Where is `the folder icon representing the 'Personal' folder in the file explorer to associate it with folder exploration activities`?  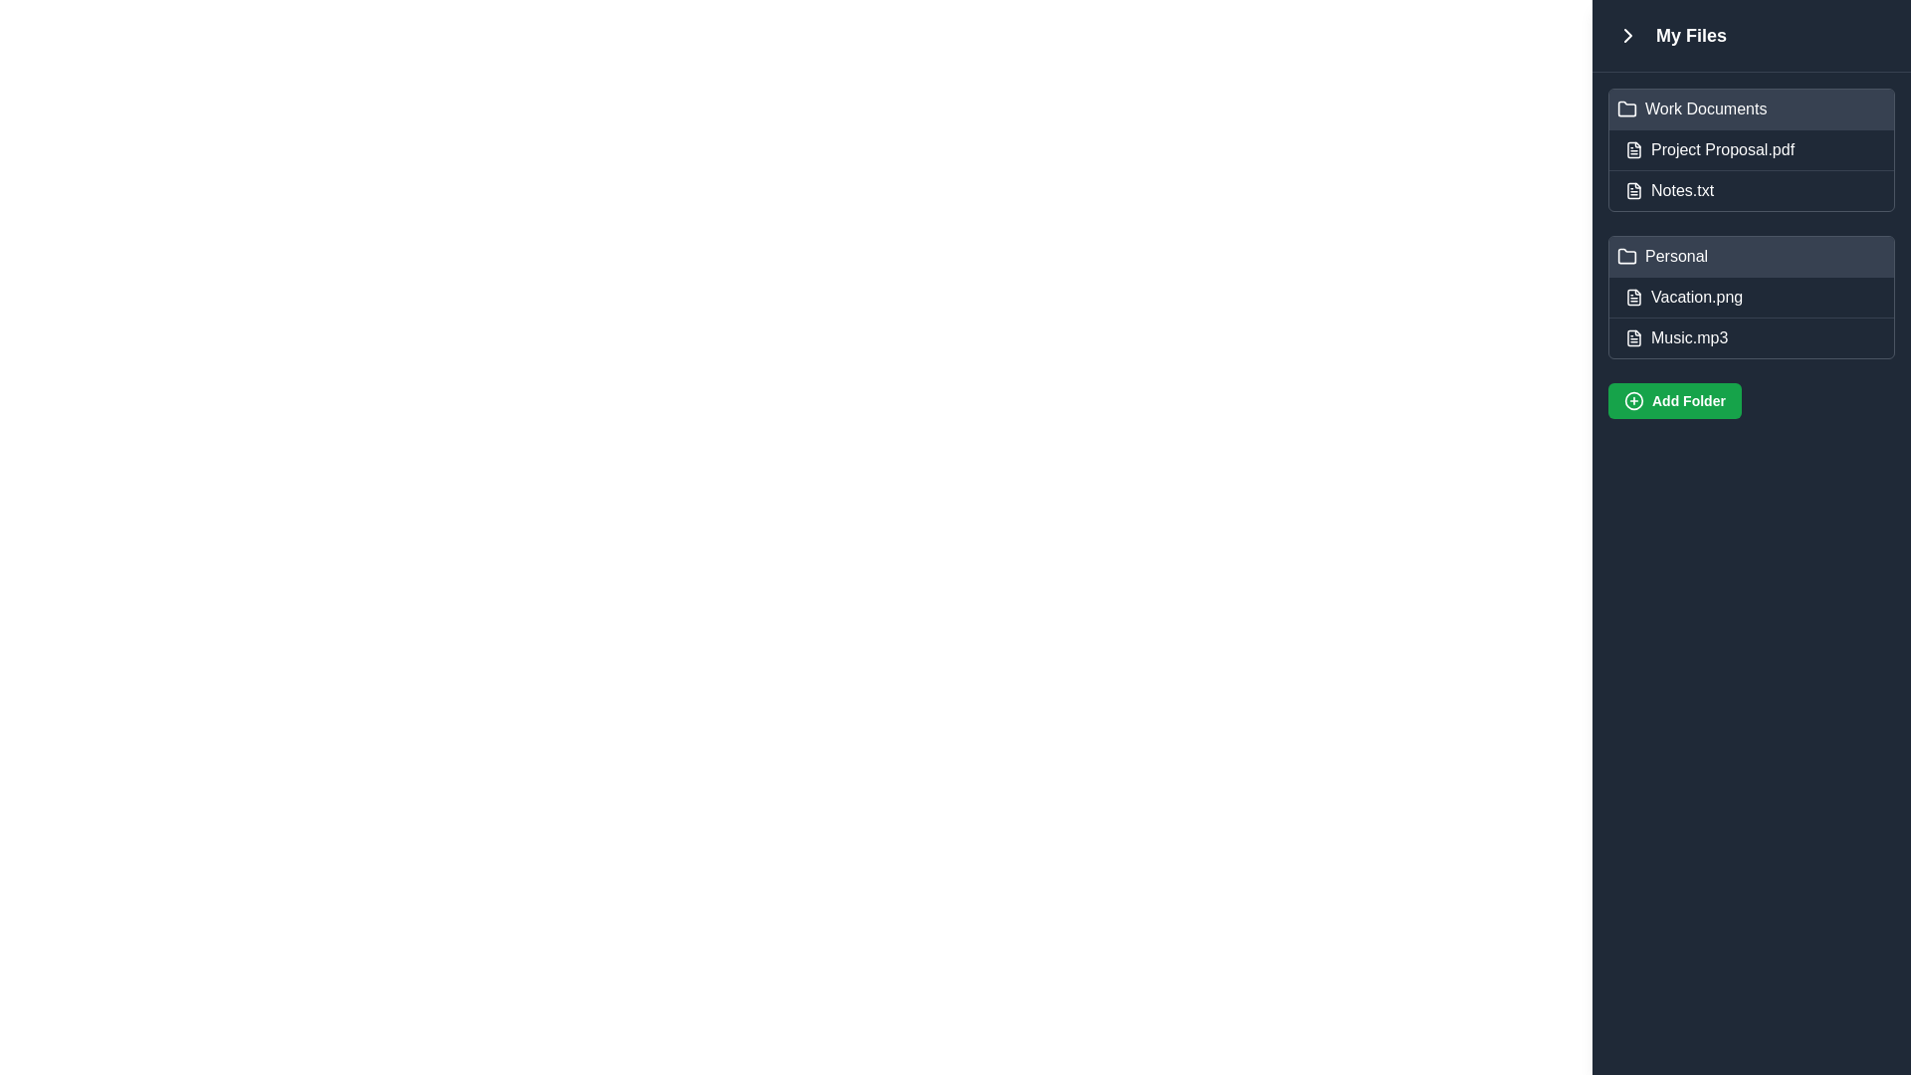
the folder icon representing the 'Personal' folder in the file explorer to associate it with folder exploration activities is located at coordinates (1627, 255).